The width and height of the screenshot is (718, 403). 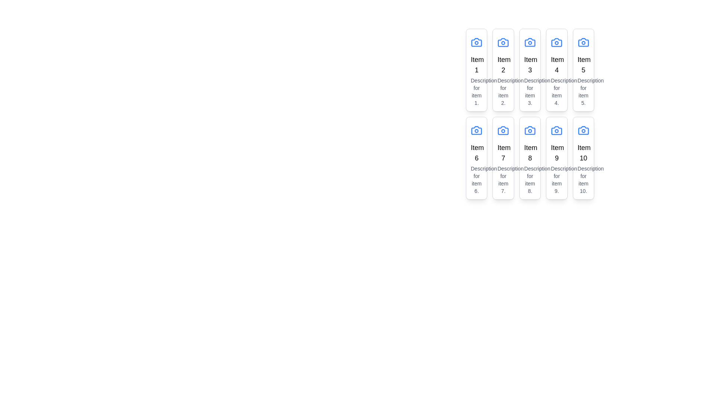 I want to click on the text block that displays 'Description for item 9.' which is styled in a smaller gray font and positioned beneath the 'Item 9' label, so click(x=556, y=180).